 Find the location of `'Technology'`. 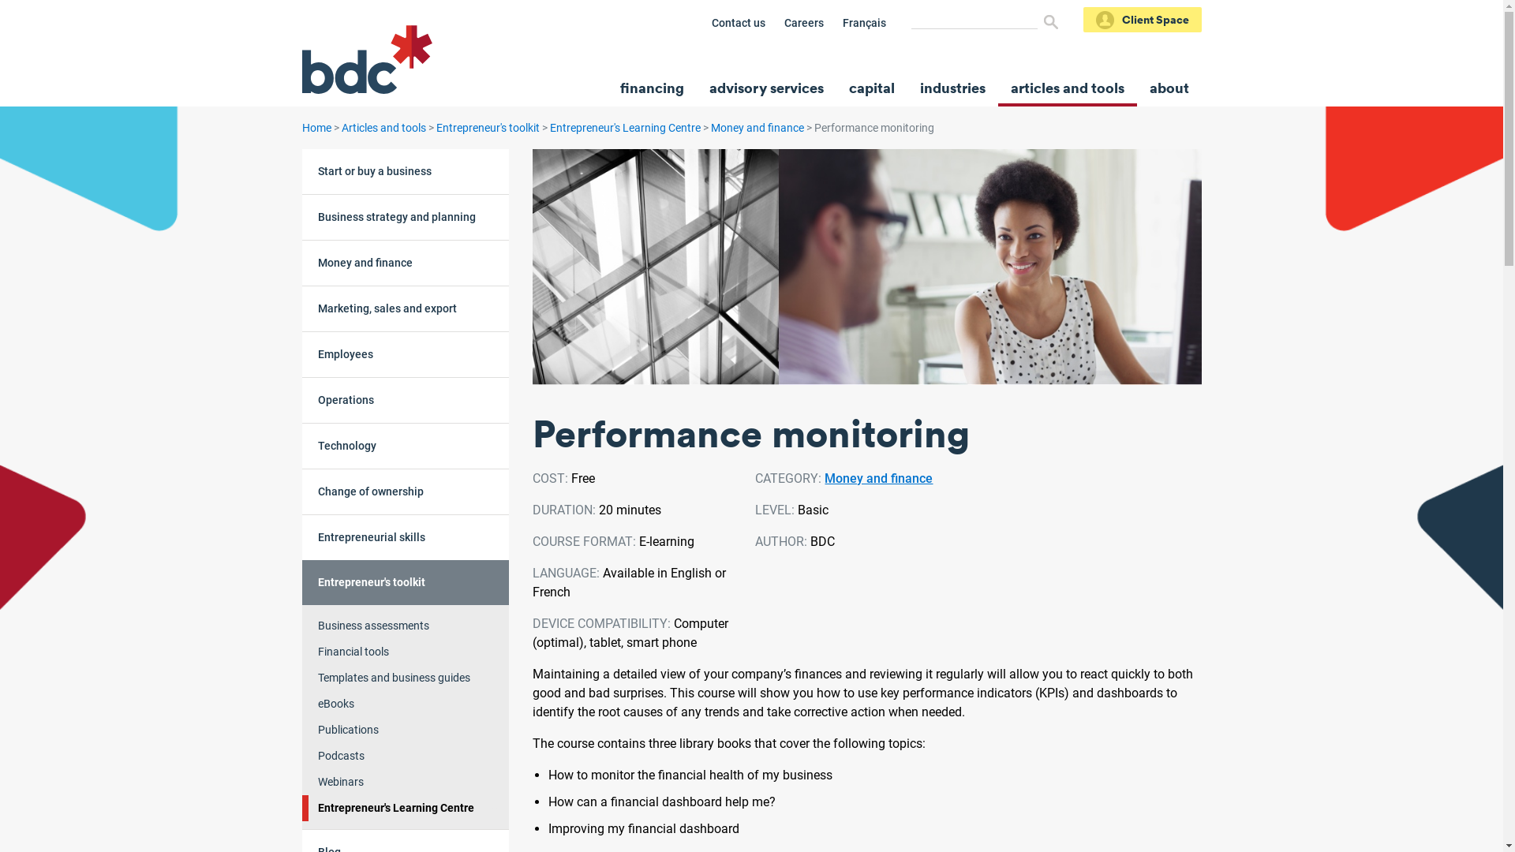

'Technology' is located at coordinates (405, 445).